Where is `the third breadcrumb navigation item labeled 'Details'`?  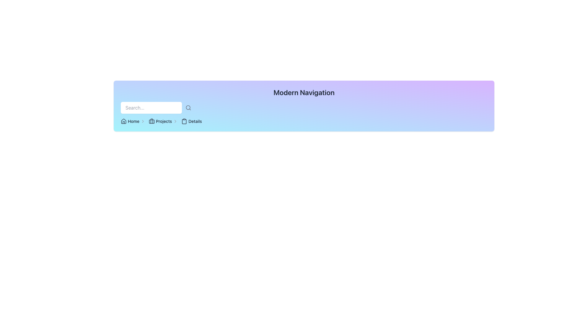 the third breadcrumb navigation item labeled 'Details' is located at coordinates (191, 121).